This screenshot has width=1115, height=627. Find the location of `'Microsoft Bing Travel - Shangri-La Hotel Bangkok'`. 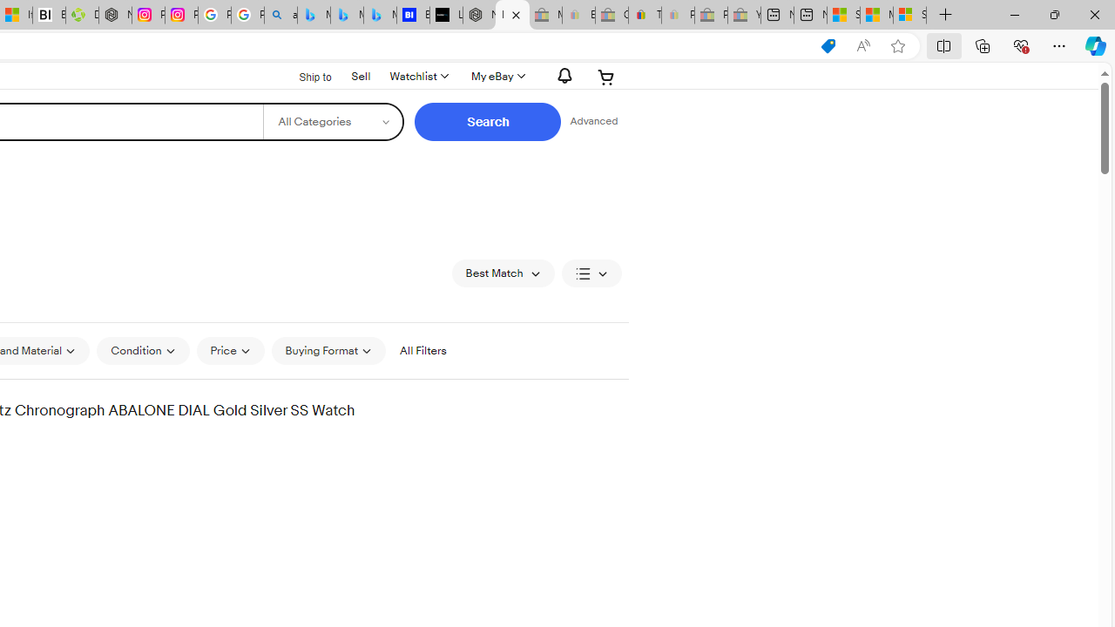

'Microsoft Bing Travel - Shangri-La Hotel Bangkok' is located at coordinates (379, 15).